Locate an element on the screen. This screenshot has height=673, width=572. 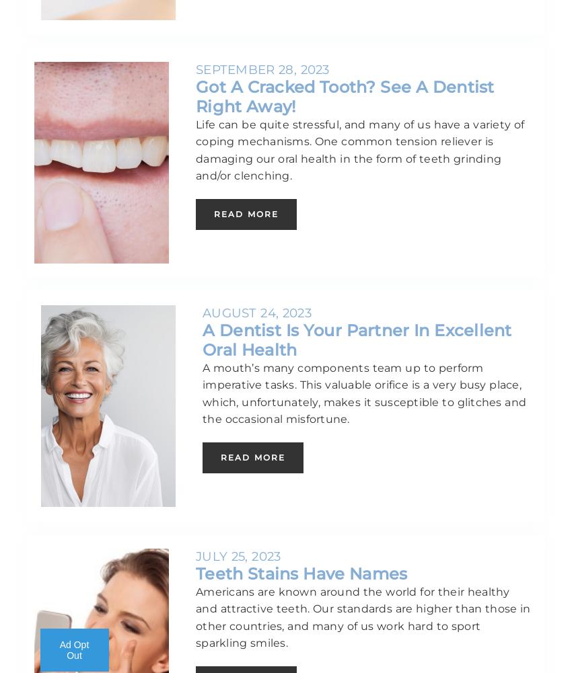
'Life can be quite stressful, and many of us have a variety of coping mechanisms.  One common tension reliever is damaging our oral health in the form of teeth grinding and/or clenching.' is located at coordinates (359, 149).